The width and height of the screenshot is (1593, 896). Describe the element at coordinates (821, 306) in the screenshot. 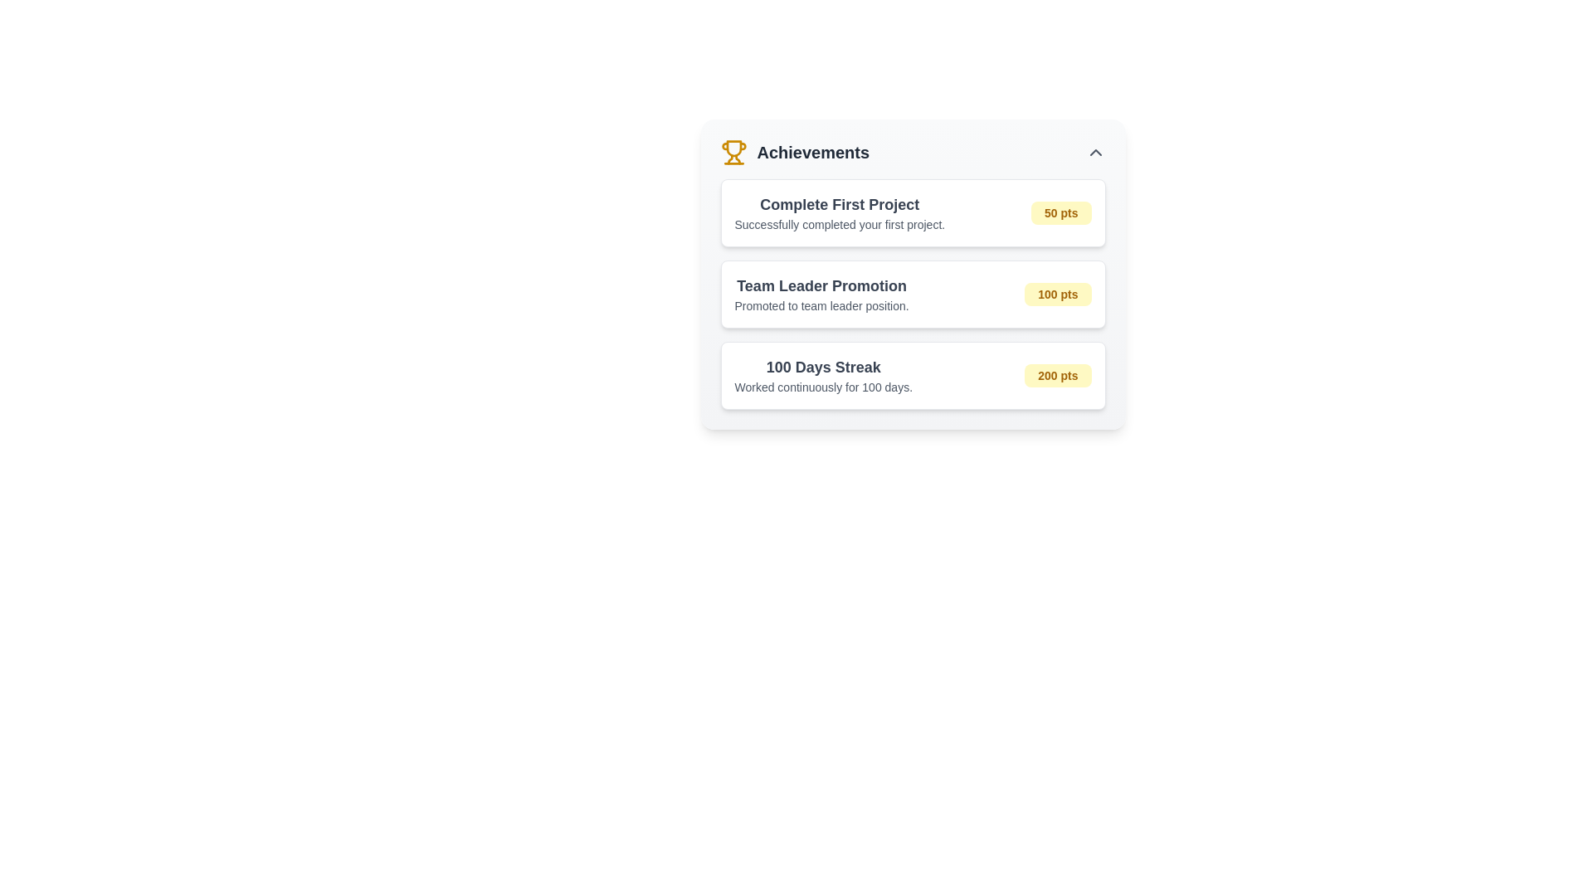

I see `text label providing additional descriptive information about the 'Team Leader Promotion' achievement, which is located below the title in the vertically organized list` at that location.